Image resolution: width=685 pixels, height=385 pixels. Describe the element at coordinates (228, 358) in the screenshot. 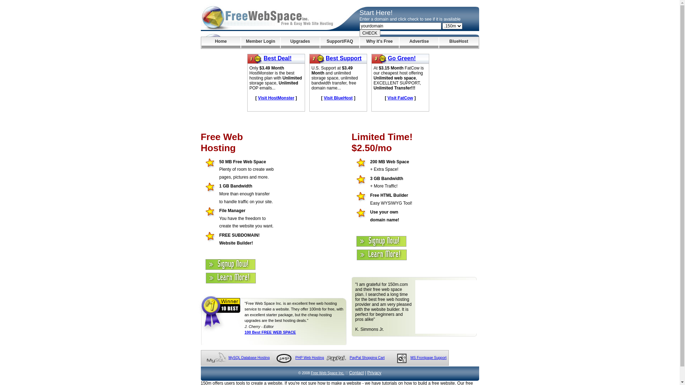

I see `'MySQL Database Hosting'` at that location.